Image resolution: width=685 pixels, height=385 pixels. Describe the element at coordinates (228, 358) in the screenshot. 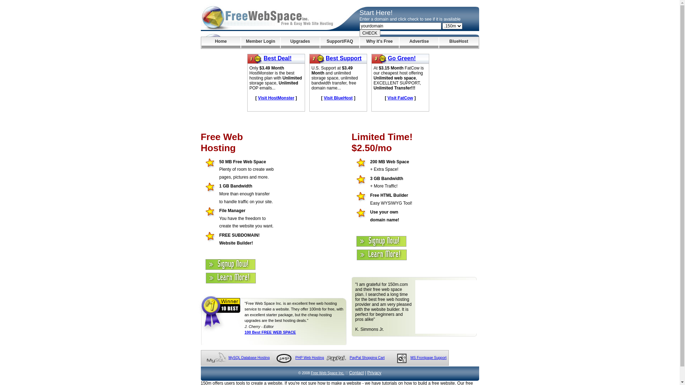

I see `'MySQL Database Hosting'` at that location.